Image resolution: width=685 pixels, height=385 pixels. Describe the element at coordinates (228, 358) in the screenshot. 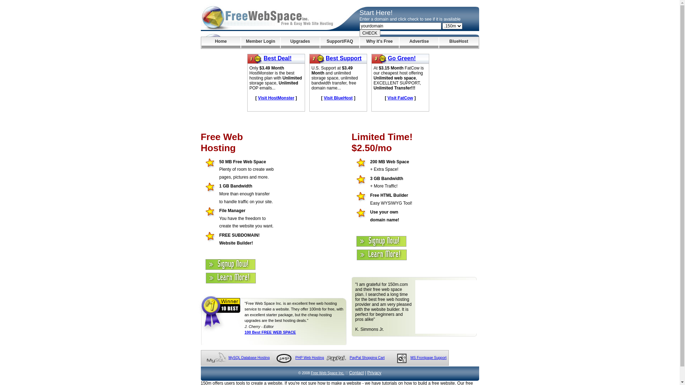

I see `'MySQL Database Hosting'` at that location.